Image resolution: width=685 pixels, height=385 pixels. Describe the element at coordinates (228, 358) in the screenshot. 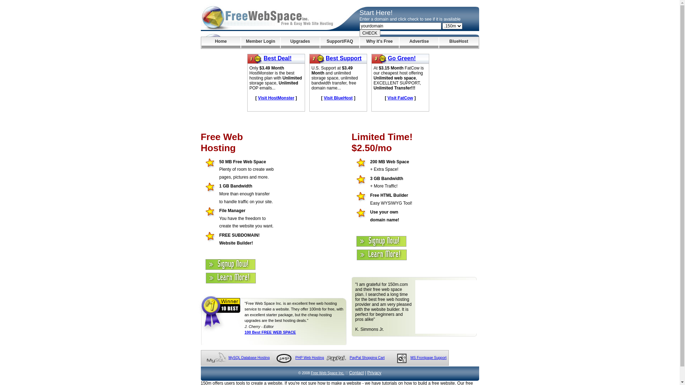

I see `'MySQL Database Hosting'` at that location.